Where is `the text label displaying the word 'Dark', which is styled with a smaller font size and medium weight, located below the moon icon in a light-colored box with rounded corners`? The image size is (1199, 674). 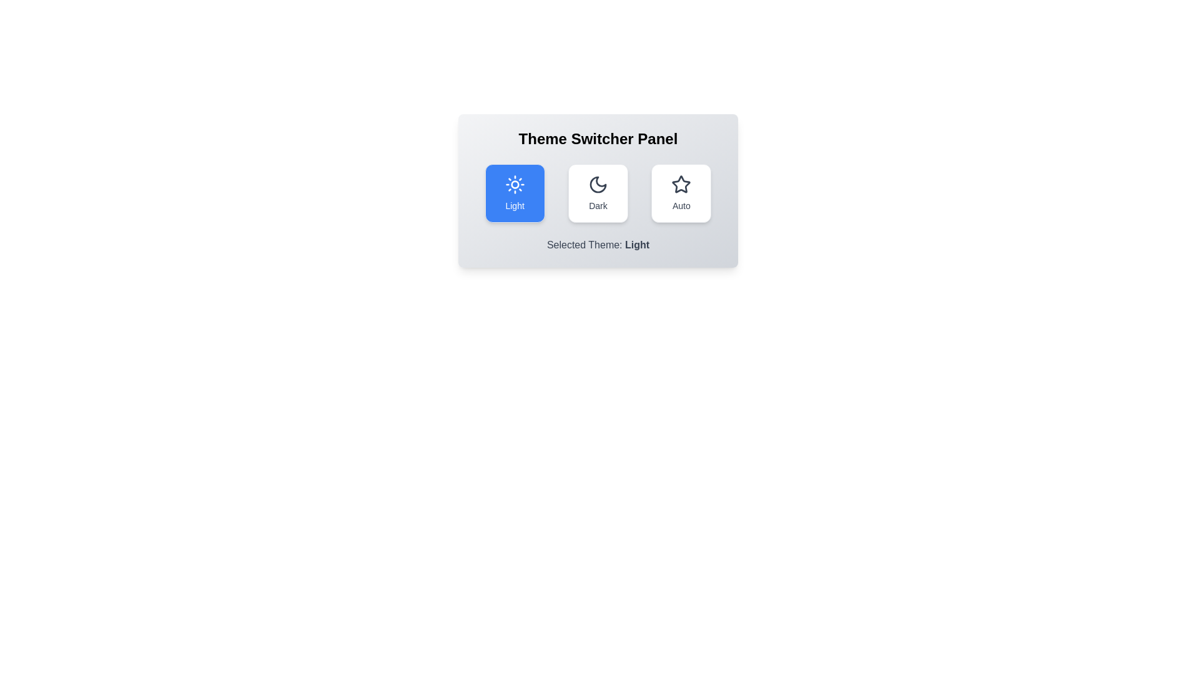 the text label displaying the word 'Dark', which is styled with a smaller font size and medium weight, located below the moon icon in a light-colored box with rounded corners is located at coordinates (597, 205).